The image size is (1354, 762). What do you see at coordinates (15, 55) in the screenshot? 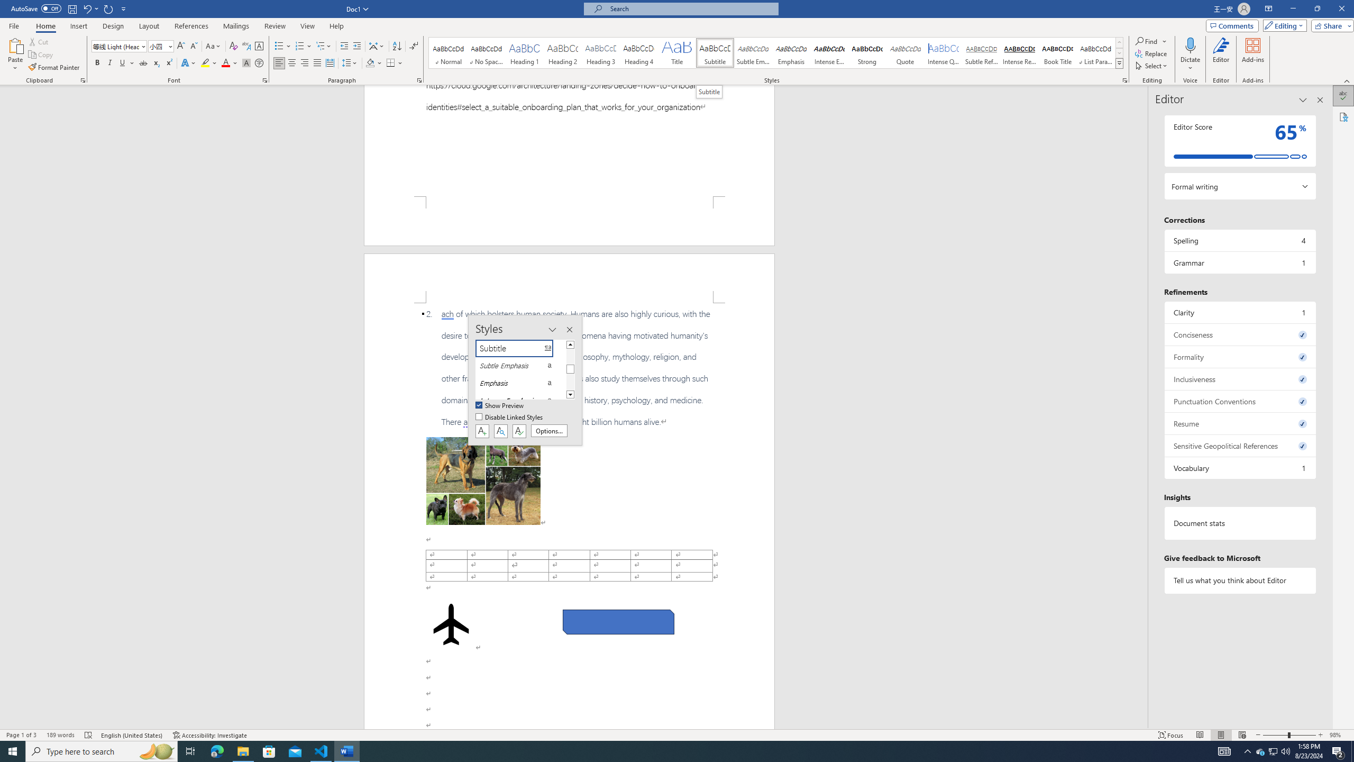
I see `'Paste'` at bounding box center [15, 55].